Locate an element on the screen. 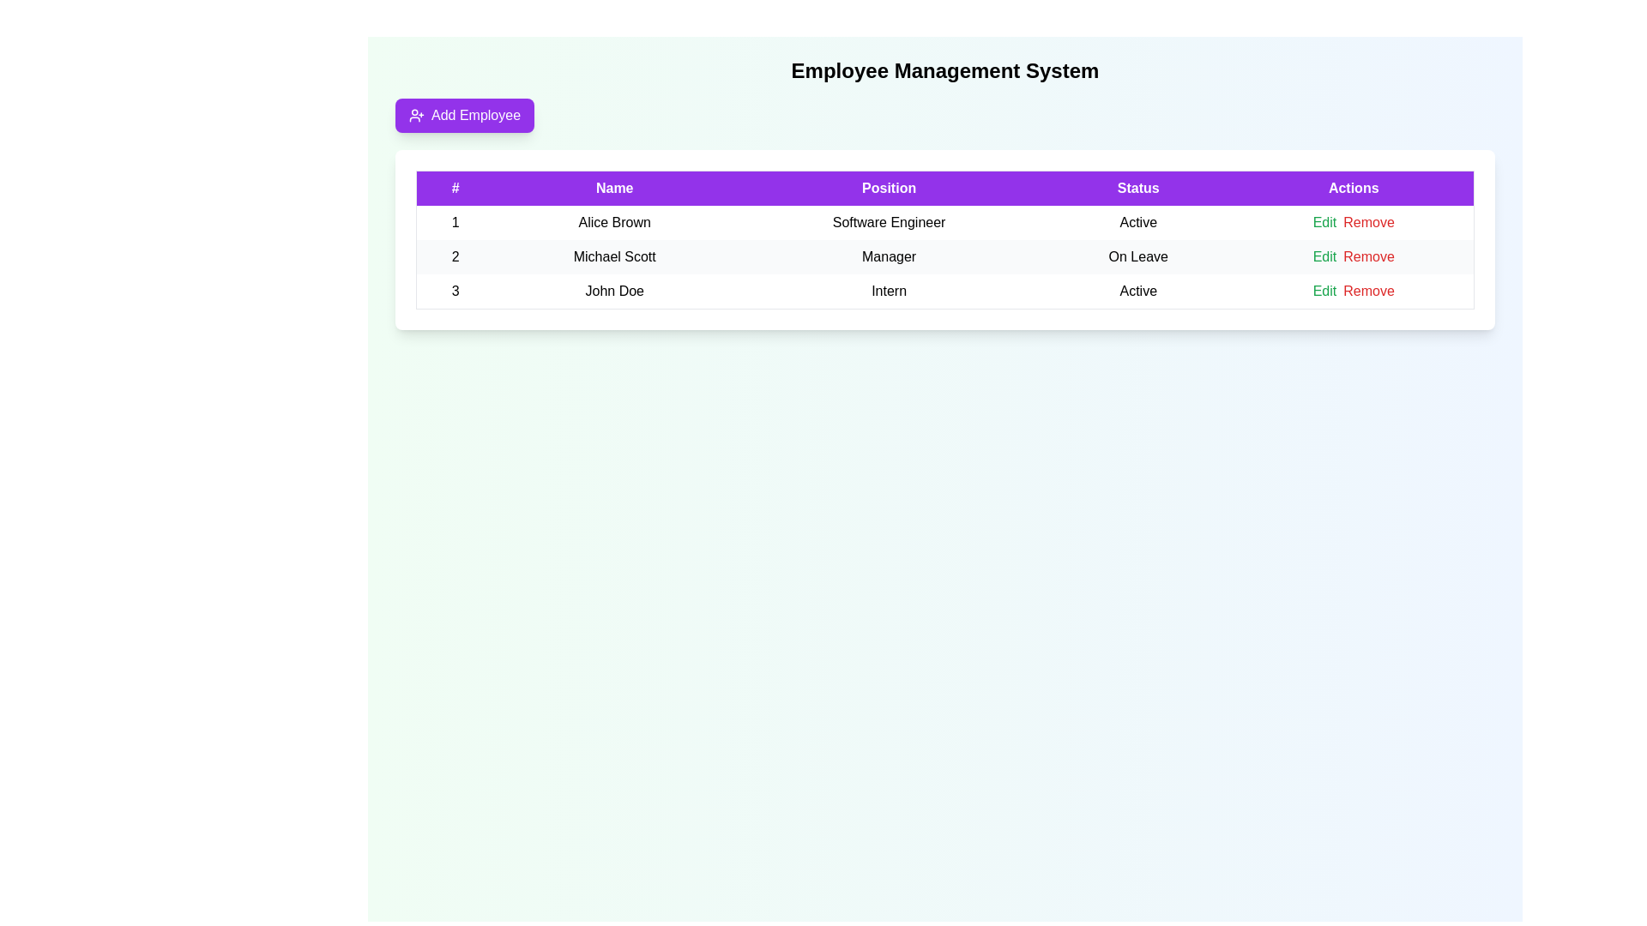 The width and height of the screenshot is (1647, 926). the 'Manager' text label in the second row and third column of the table that displays the job title of Michael Scott is located at coordinates (889, 257).